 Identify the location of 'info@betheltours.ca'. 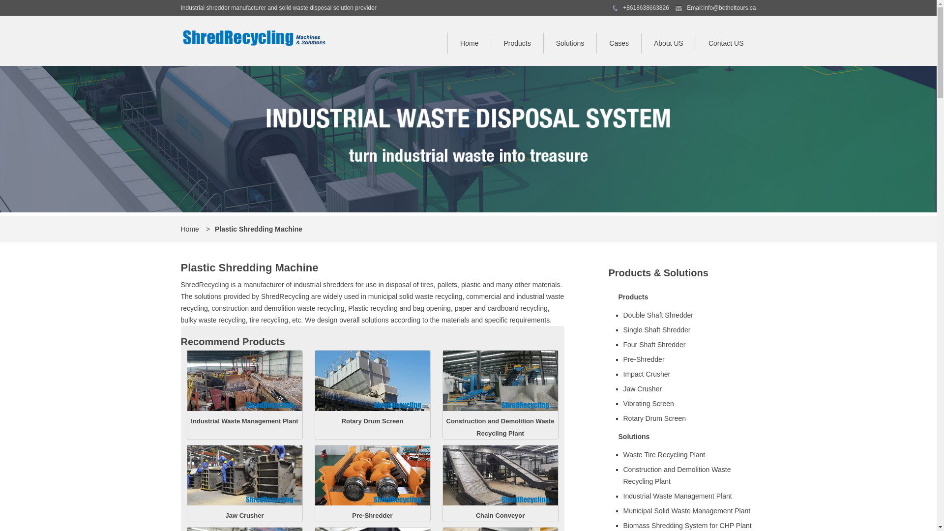
(730, 7).